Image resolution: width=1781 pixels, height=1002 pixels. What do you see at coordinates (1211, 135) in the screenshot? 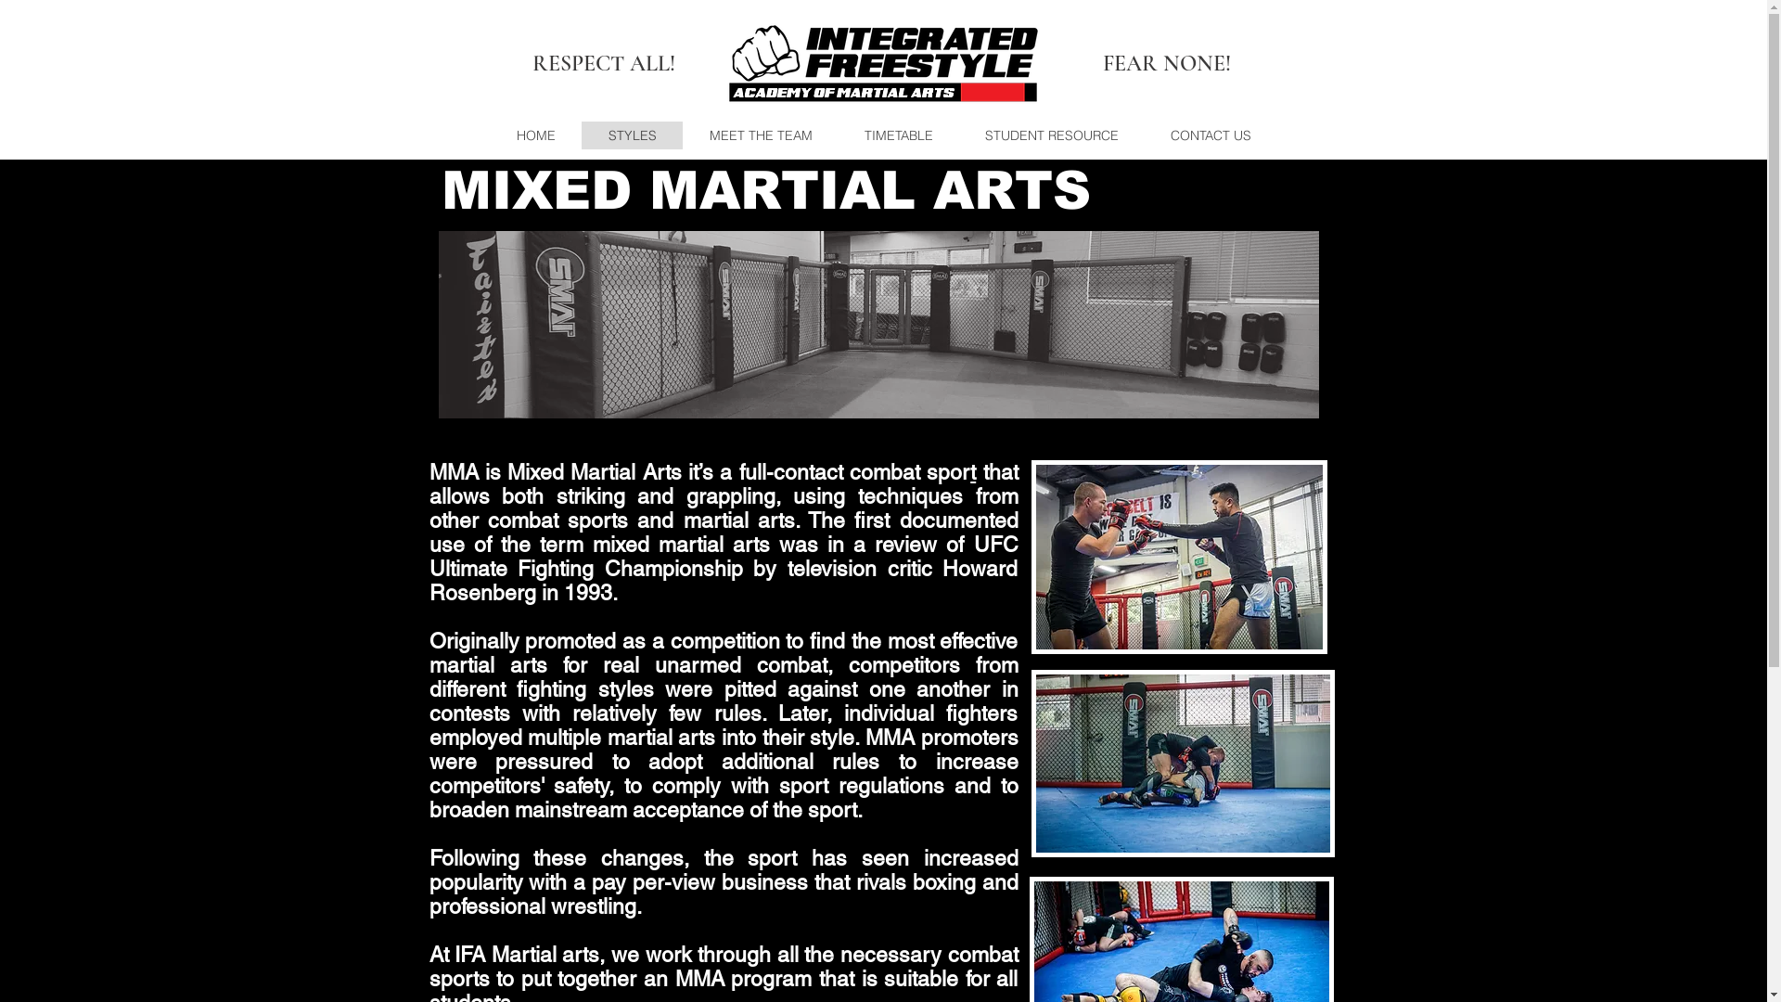
I see `'CONTACT US'` at bounding box center [1211, 135].